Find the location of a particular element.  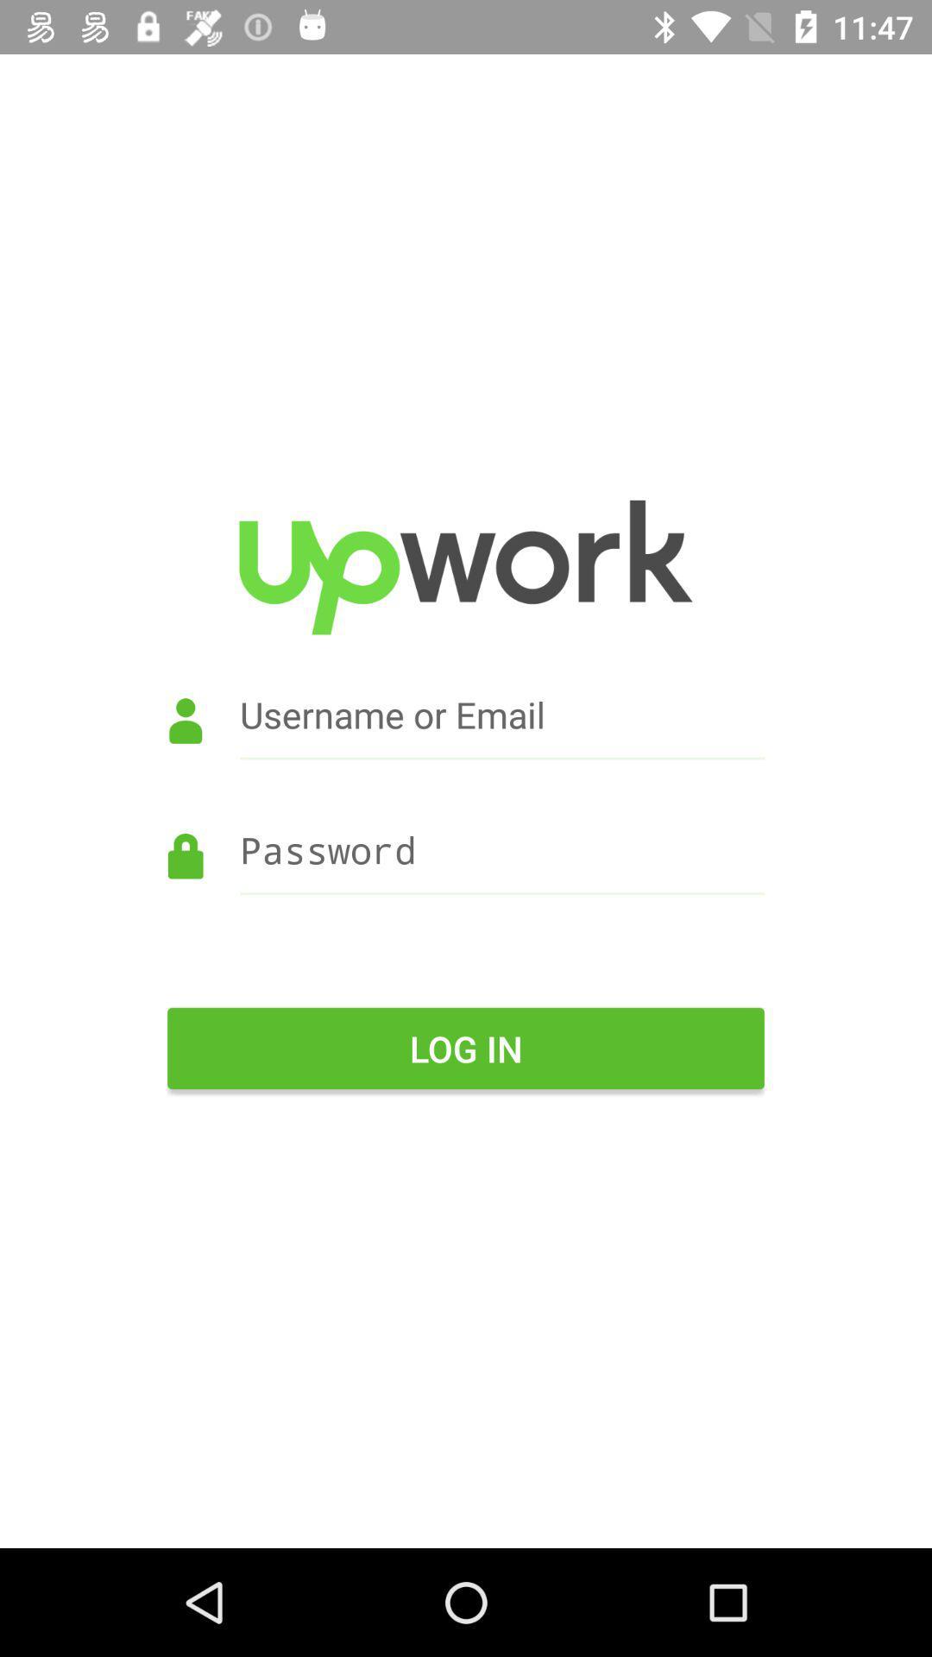

password is located at coordinates (466, 874).